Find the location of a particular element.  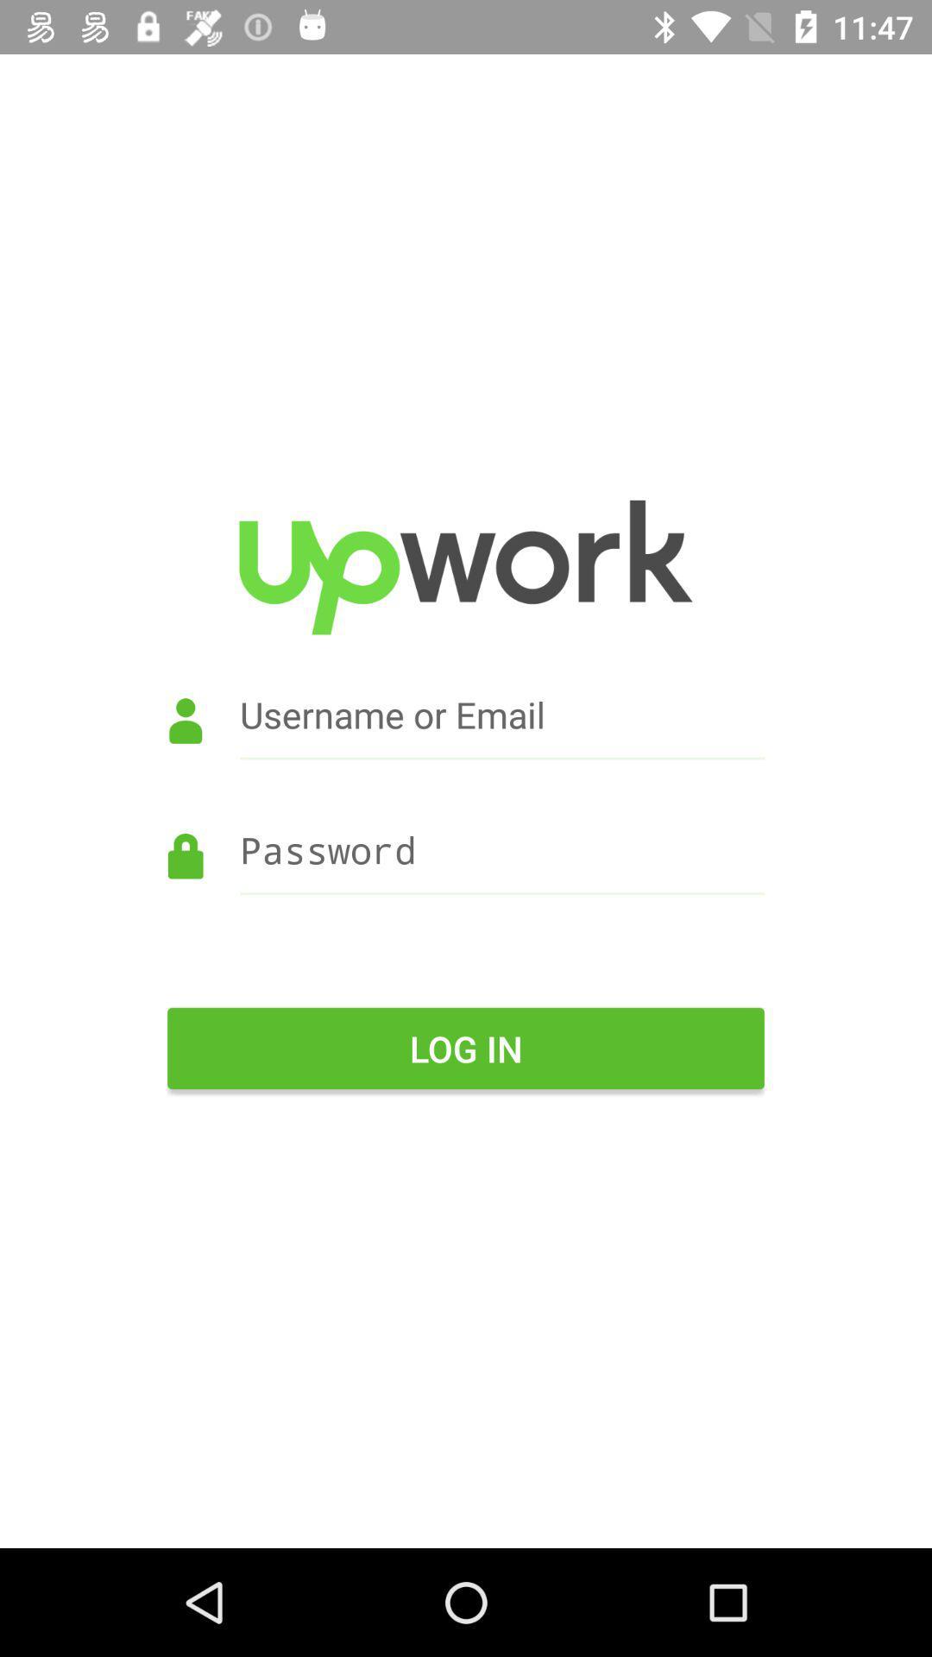

password is located at coordinates (466, 874).